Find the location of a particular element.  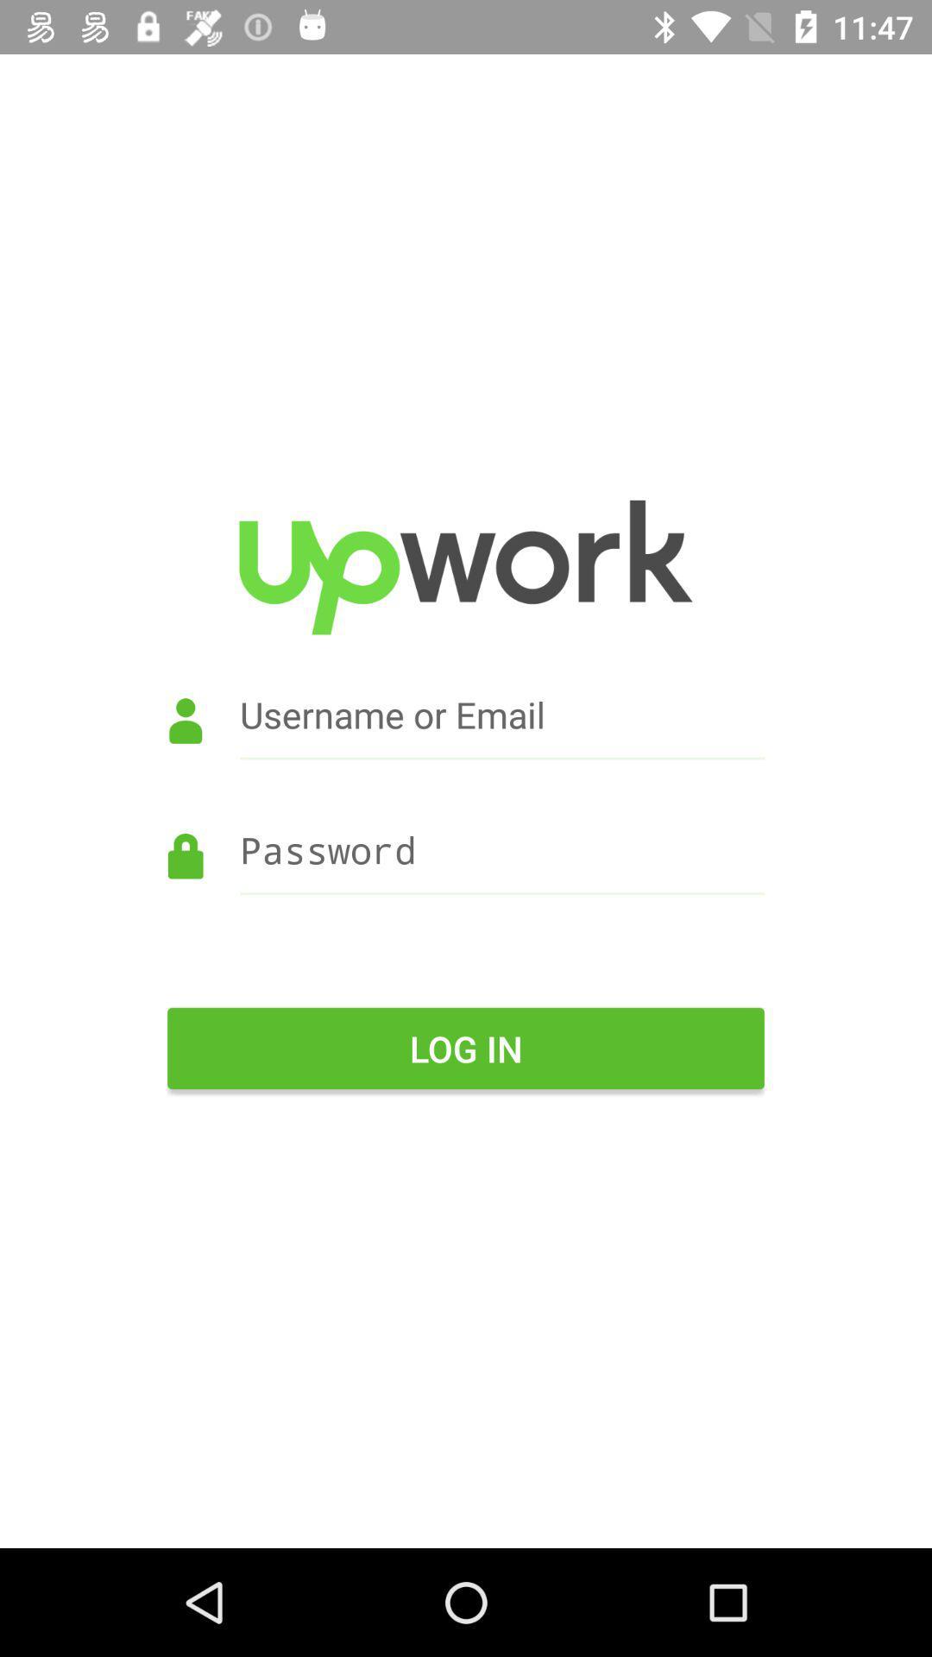

password is located at coordinates (466, 874).